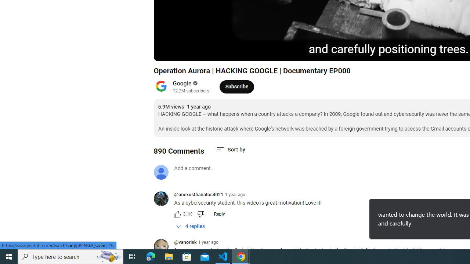  What do you see at coordinates (177, 214) in the screenshot?
I see `'Like this comment along with 3.1K other people'` at bounding box center [177, 214].